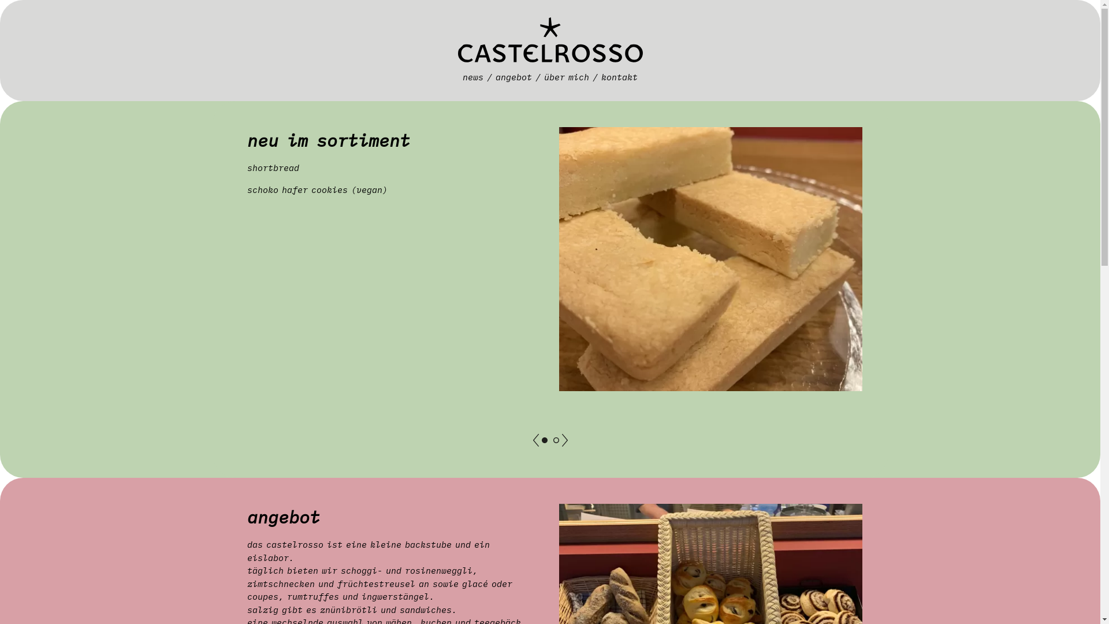 Image resolution: width=1109 pixels, height=624 pixels. I want to click on 'next', so click(564, 440).